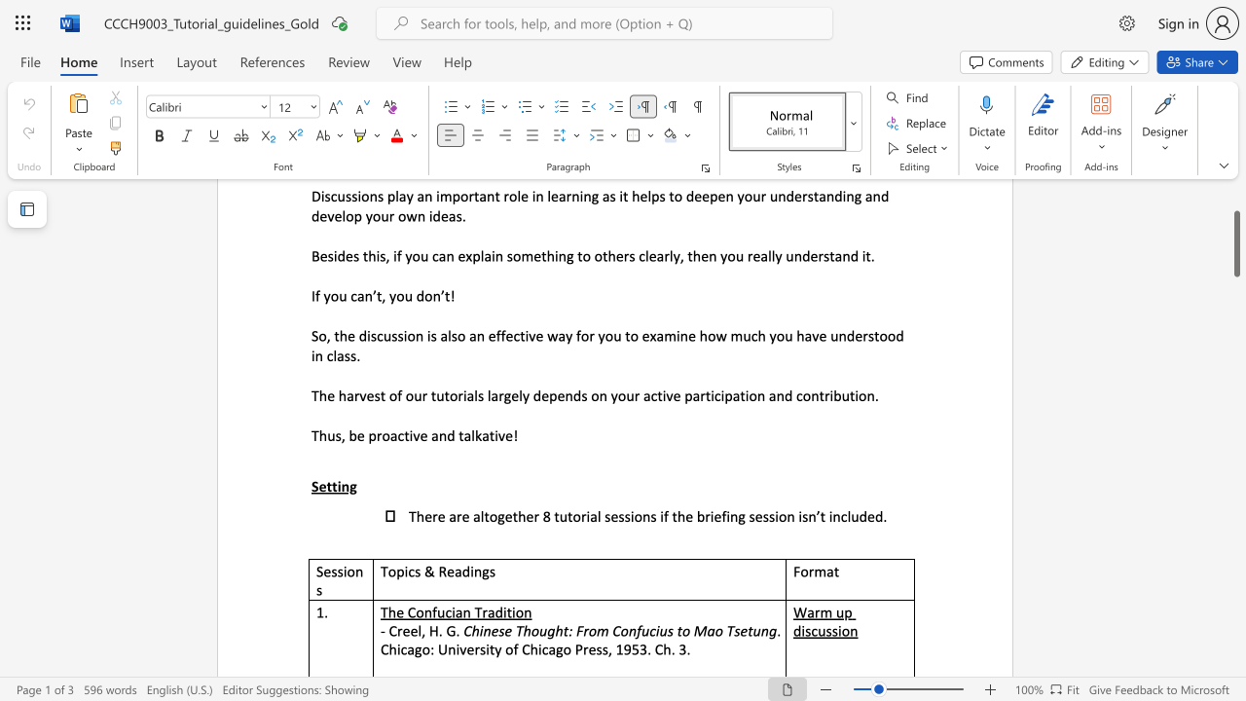  I want to click on the scrollbar and move down 1160 pixels, so click(1235, 242).